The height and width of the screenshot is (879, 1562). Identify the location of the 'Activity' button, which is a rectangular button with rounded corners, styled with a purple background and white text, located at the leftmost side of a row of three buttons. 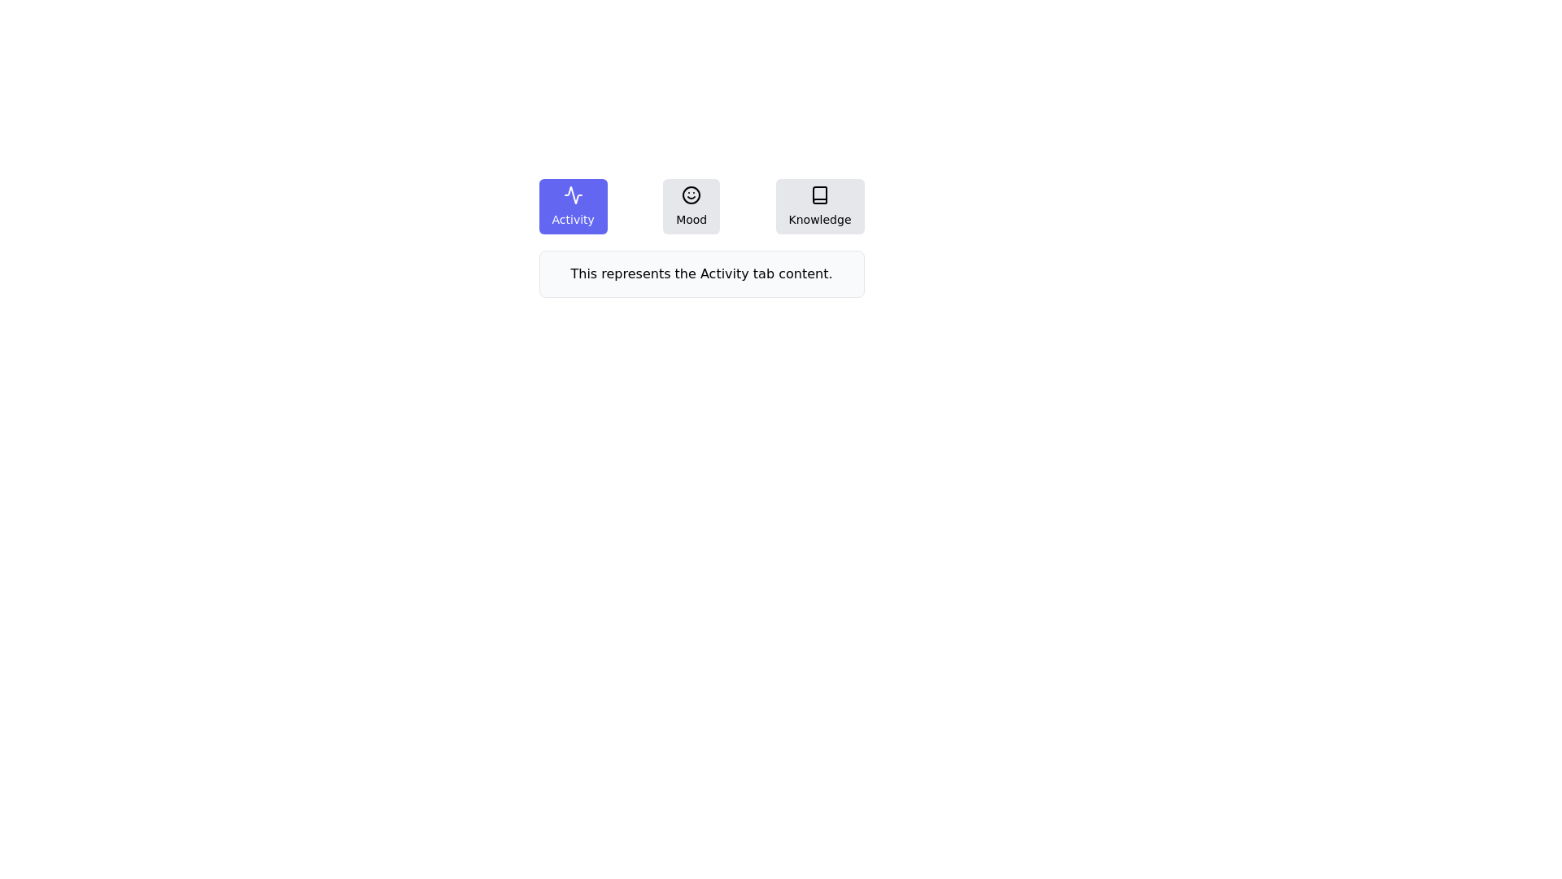
(573, 206).